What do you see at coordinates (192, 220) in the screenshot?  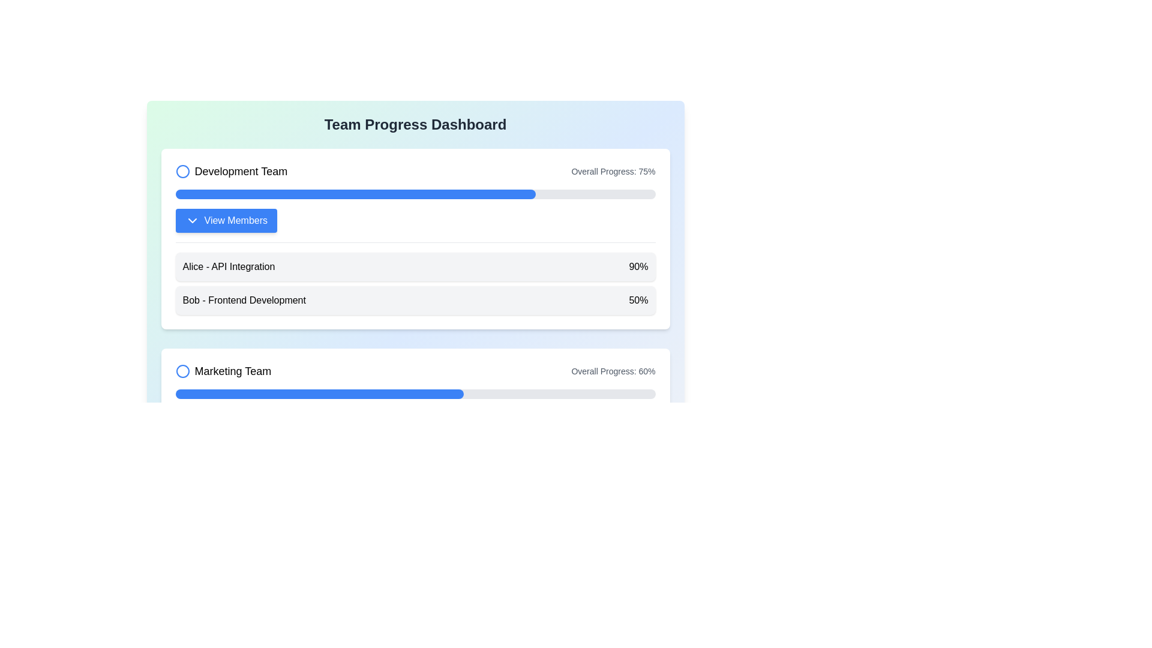 I see `the downward-pointing triangular arrow icon located inside the 'View Members' button to initiate a dropdown` at bounding box center [192, 220].